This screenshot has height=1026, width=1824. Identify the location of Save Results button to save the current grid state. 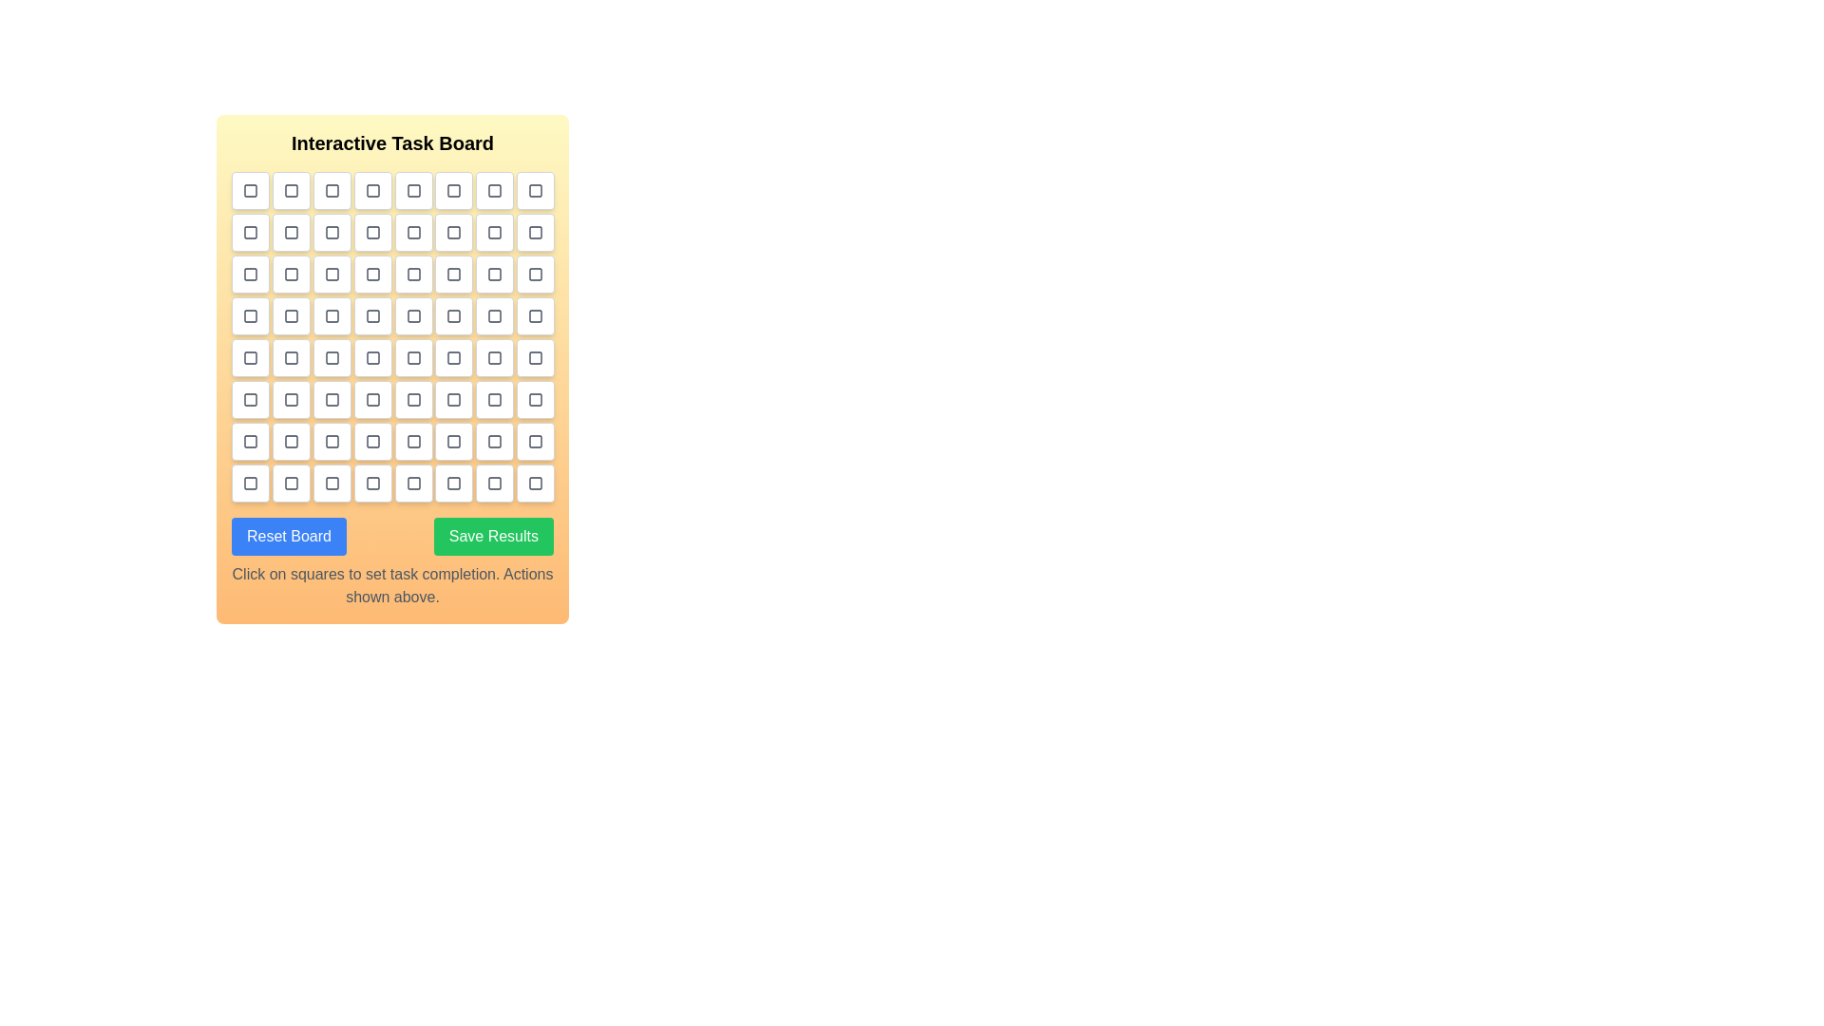
(493, 536).